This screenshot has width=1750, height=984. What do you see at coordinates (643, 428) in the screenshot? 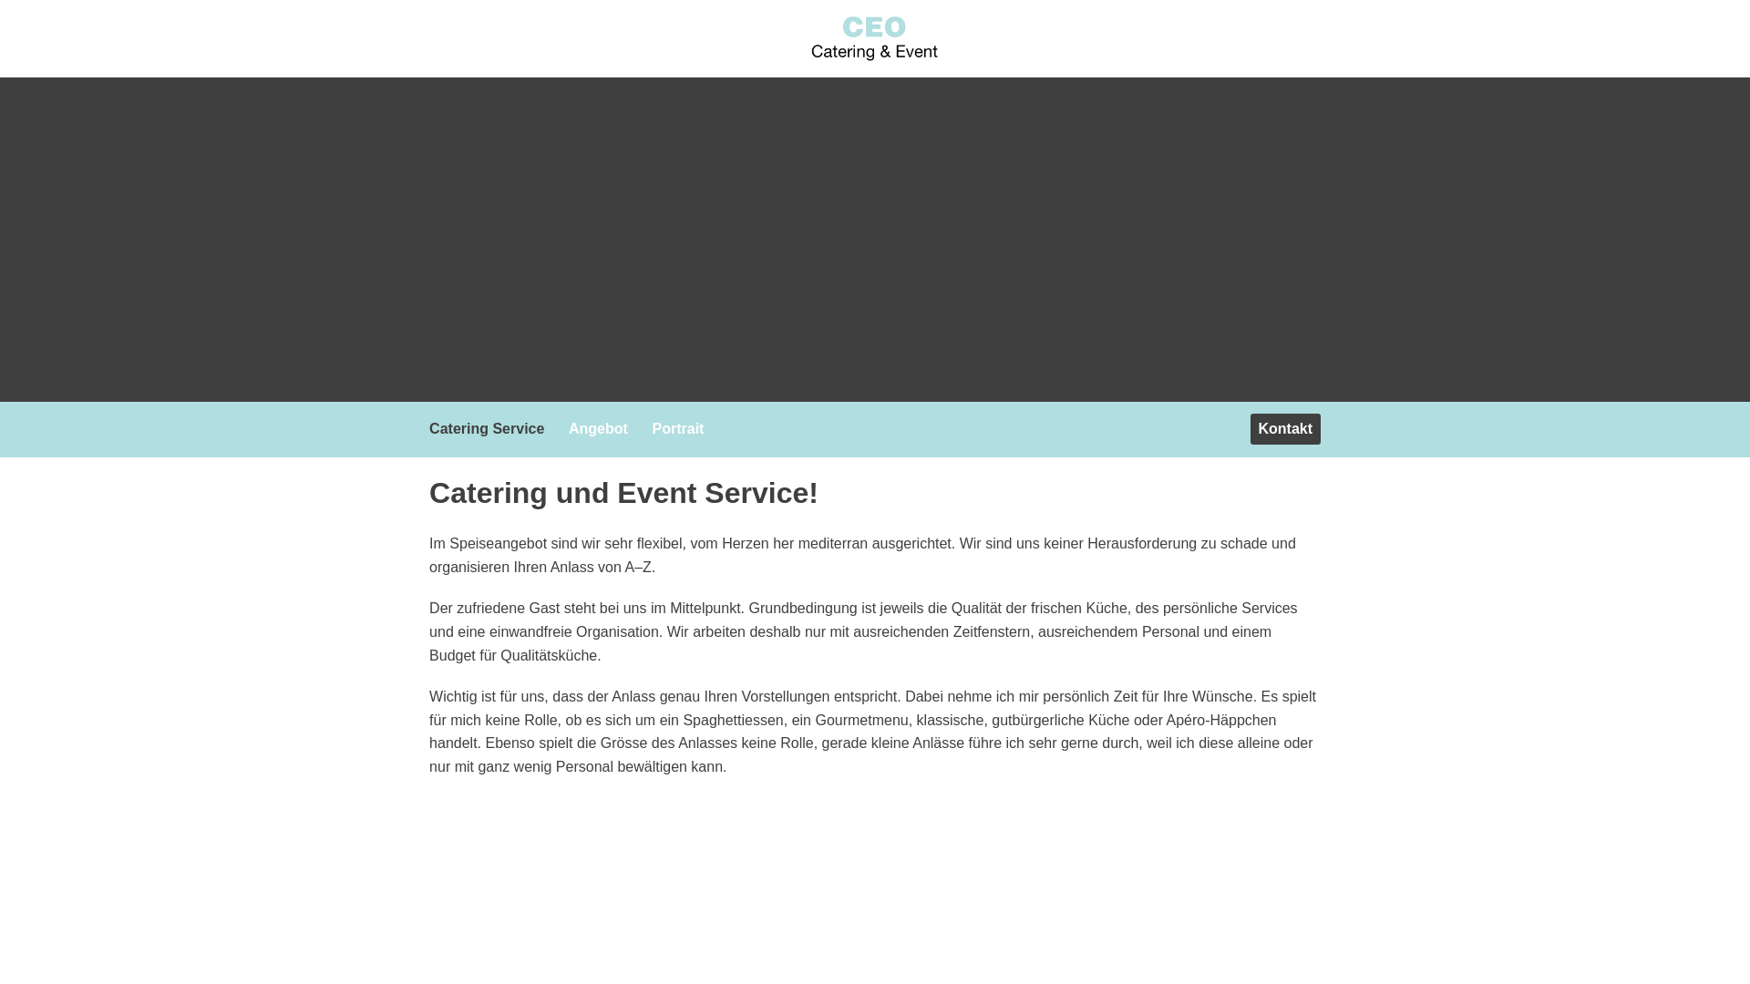
I see `'Portrait'` at bounding box center [643, 428].